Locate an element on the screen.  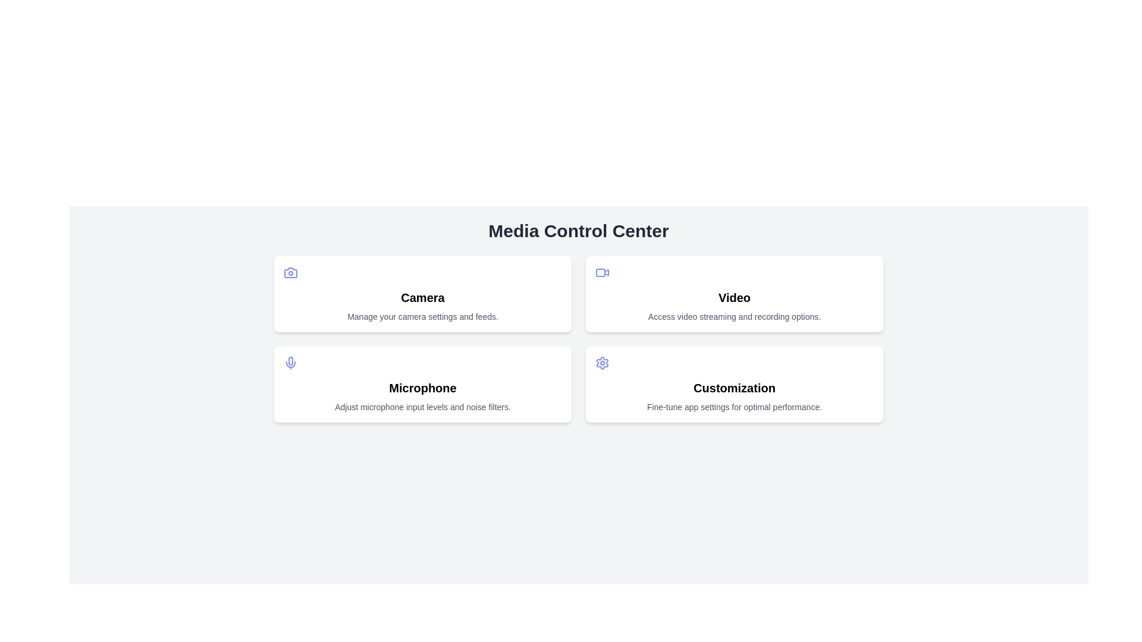
the informational card located in the top-right corner of the grid layout is located at coordinates (733, 294).